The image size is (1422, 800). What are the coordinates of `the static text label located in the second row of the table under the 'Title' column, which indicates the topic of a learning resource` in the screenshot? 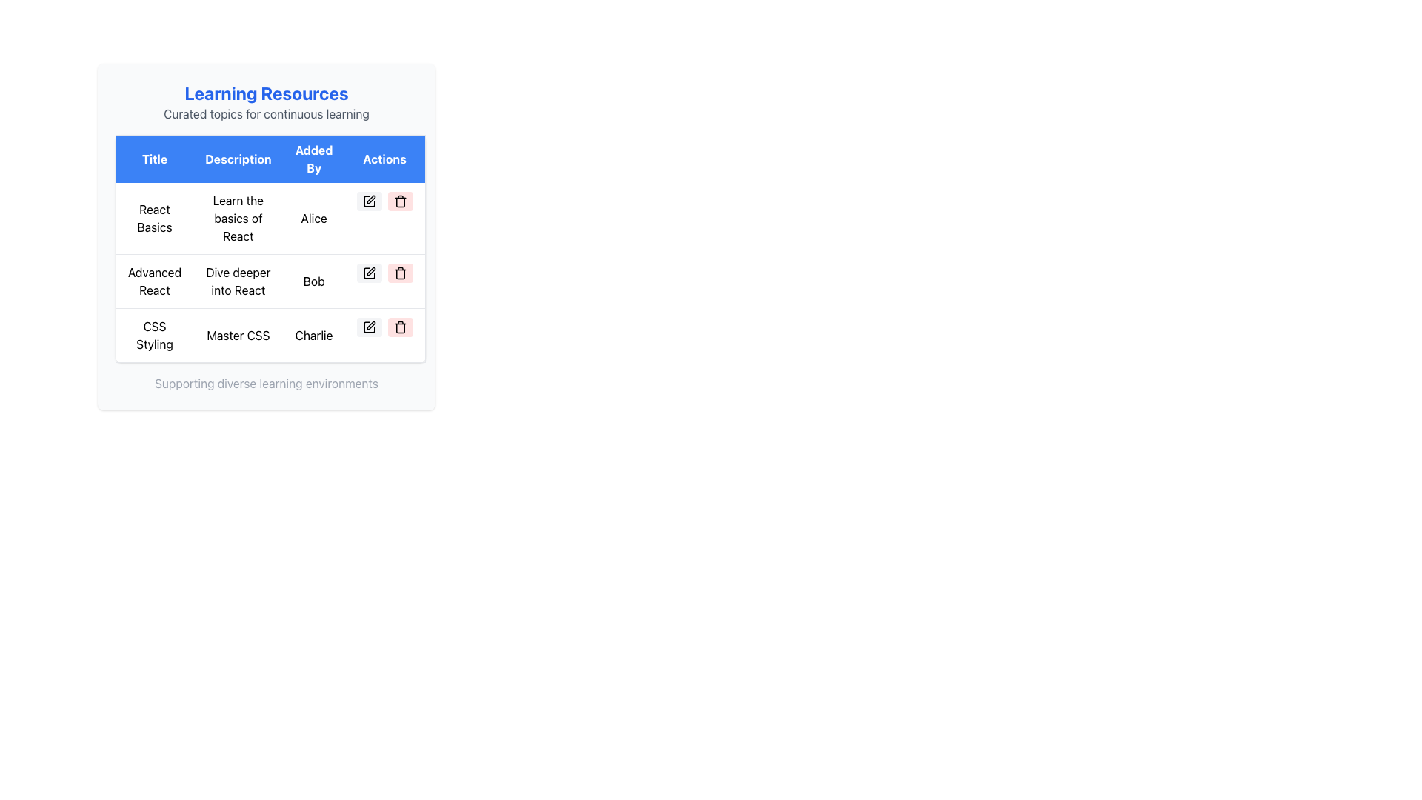 It's located at (154, 281).